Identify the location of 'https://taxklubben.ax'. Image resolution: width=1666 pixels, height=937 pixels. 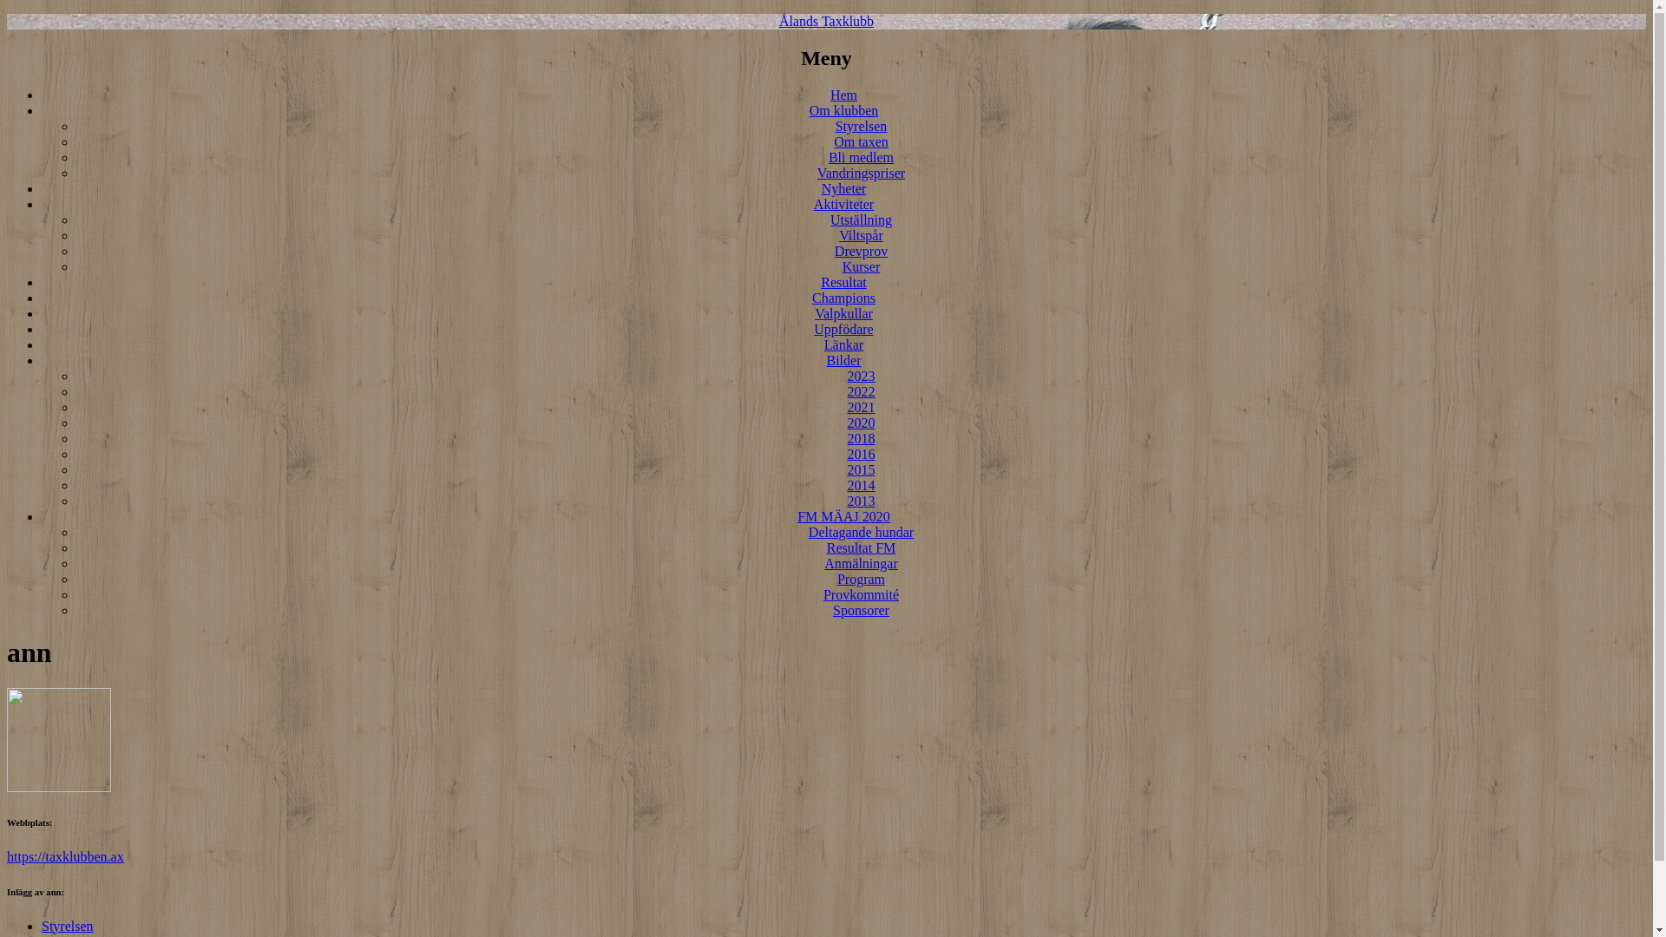
(65, 855).